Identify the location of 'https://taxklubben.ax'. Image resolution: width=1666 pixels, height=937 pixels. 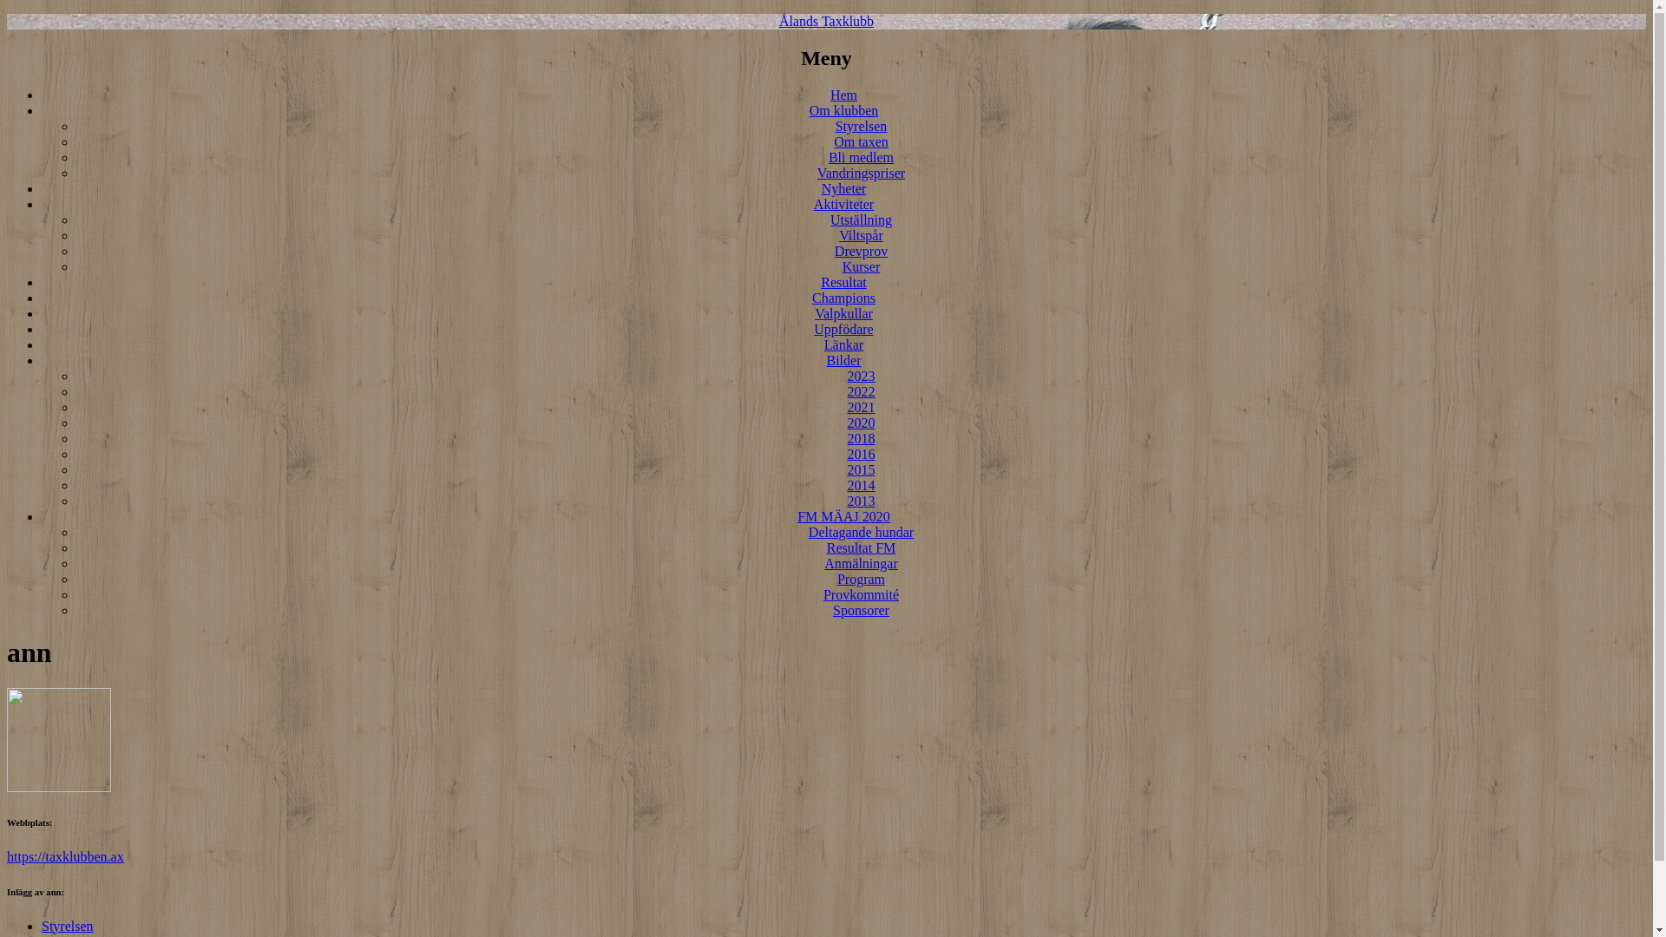
(65, 855).